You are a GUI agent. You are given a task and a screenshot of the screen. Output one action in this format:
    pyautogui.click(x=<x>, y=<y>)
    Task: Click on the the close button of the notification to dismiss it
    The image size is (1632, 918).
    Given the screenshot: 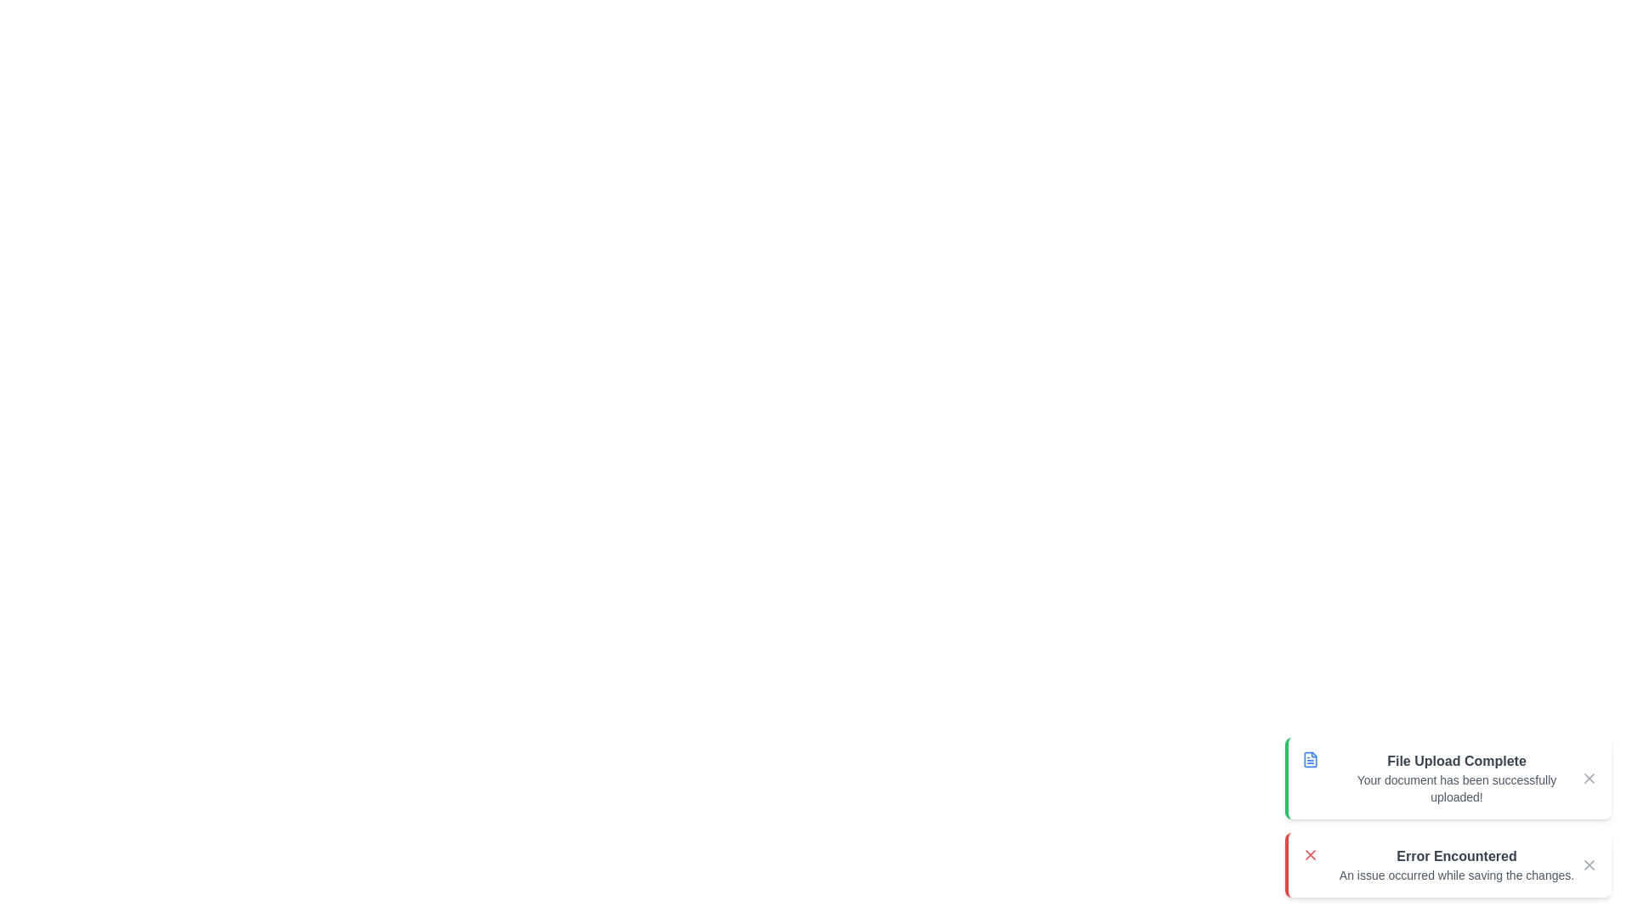 What is the action you would take?
    pyautogui.click(x=1589, y=778)
    